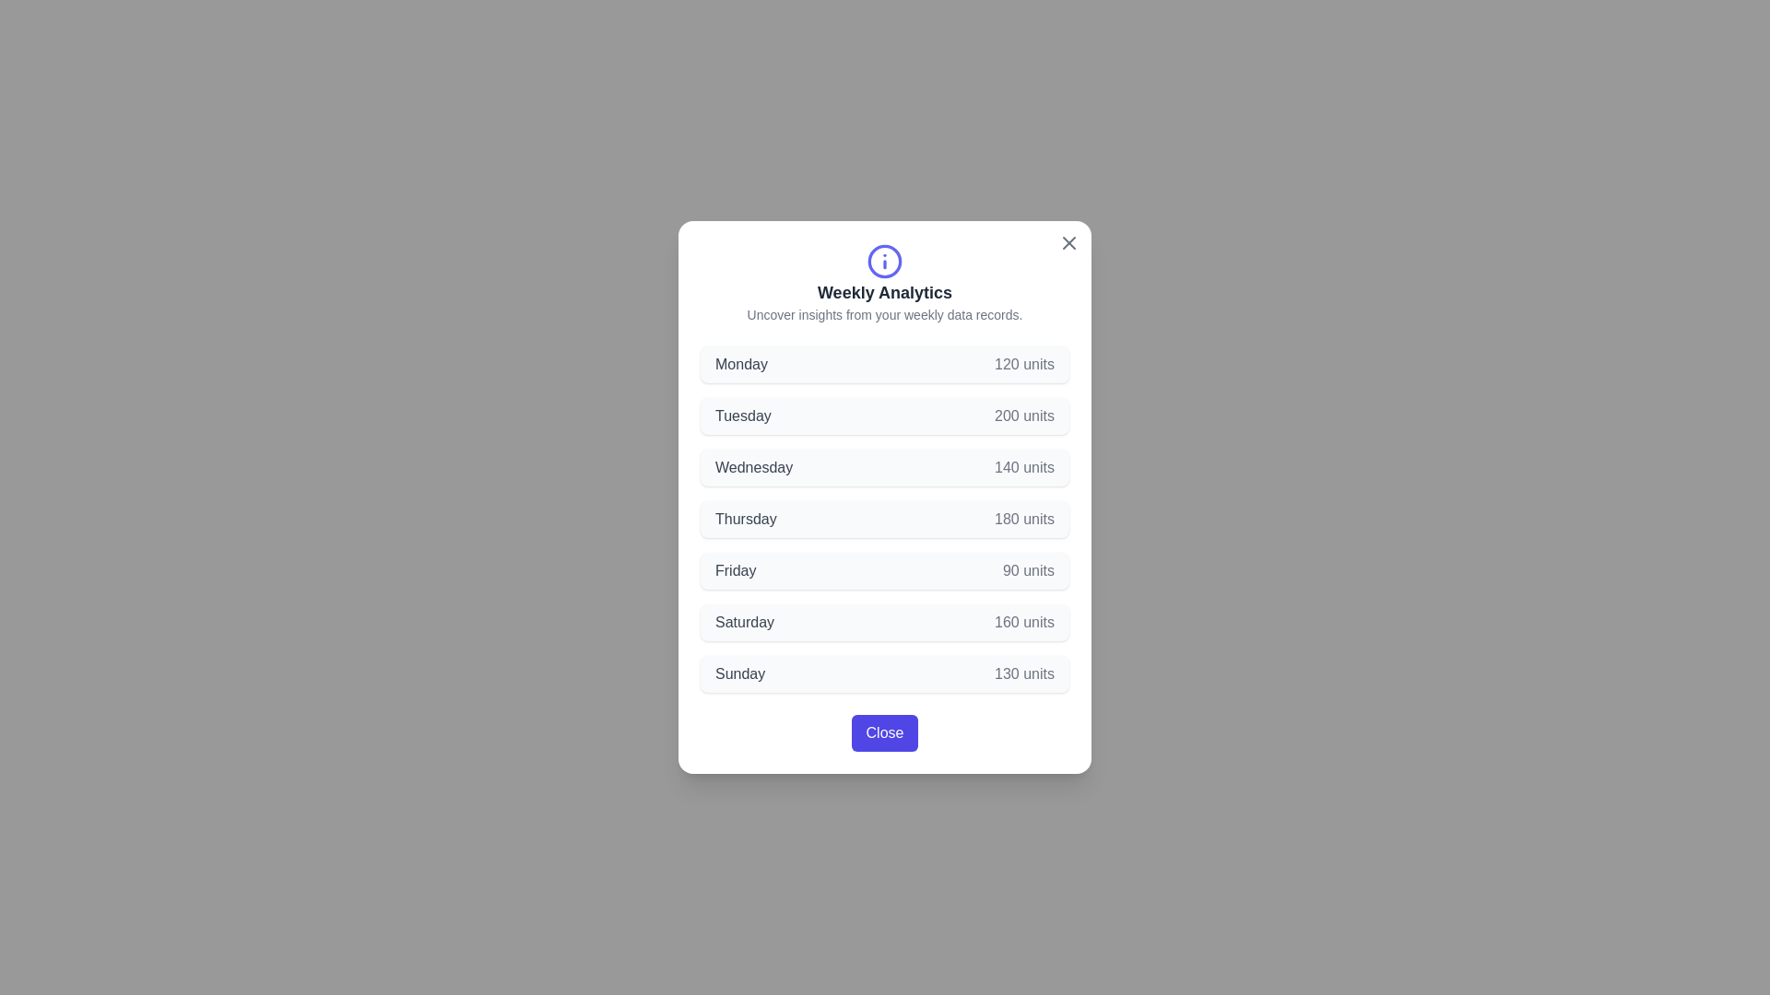 This screenshot has height=995, width=1770. Describe the element at coordinates (885, 732) in the screenshot. I see `the 'Close' button to close the dialog` at that location.